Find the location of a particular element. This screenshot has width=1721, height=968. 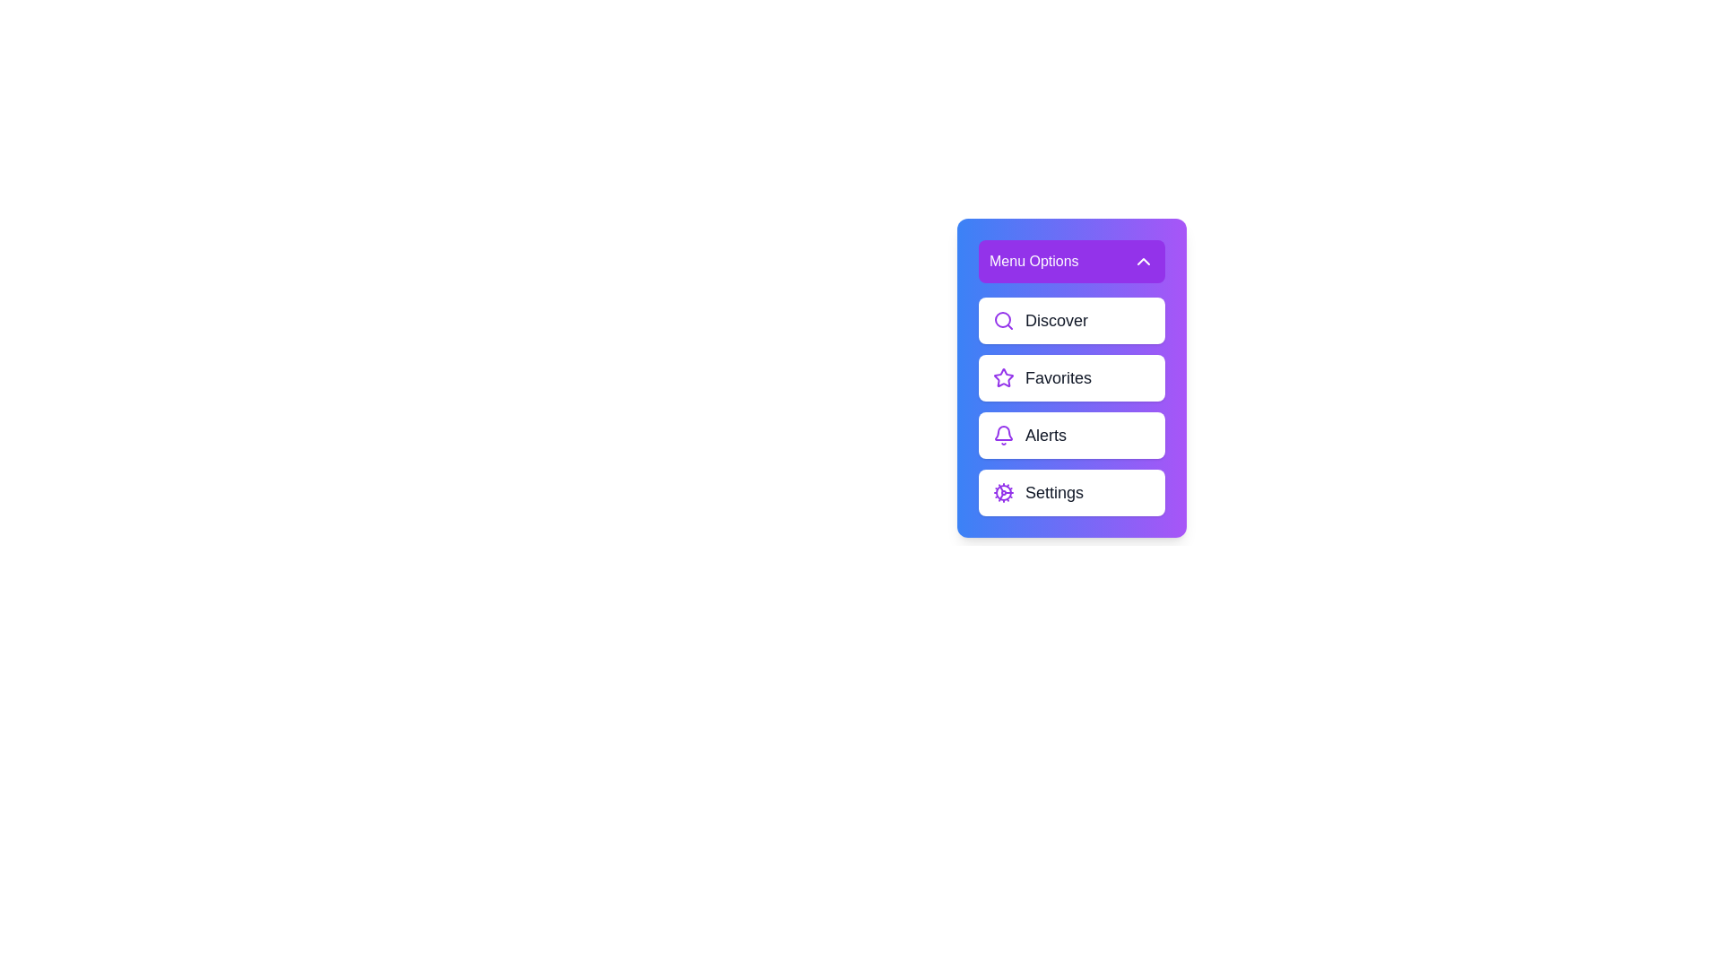

the purple rectangular button labeled 'Menu Options' at the top of the vertical menu card is located at coordinates (1071, 262).